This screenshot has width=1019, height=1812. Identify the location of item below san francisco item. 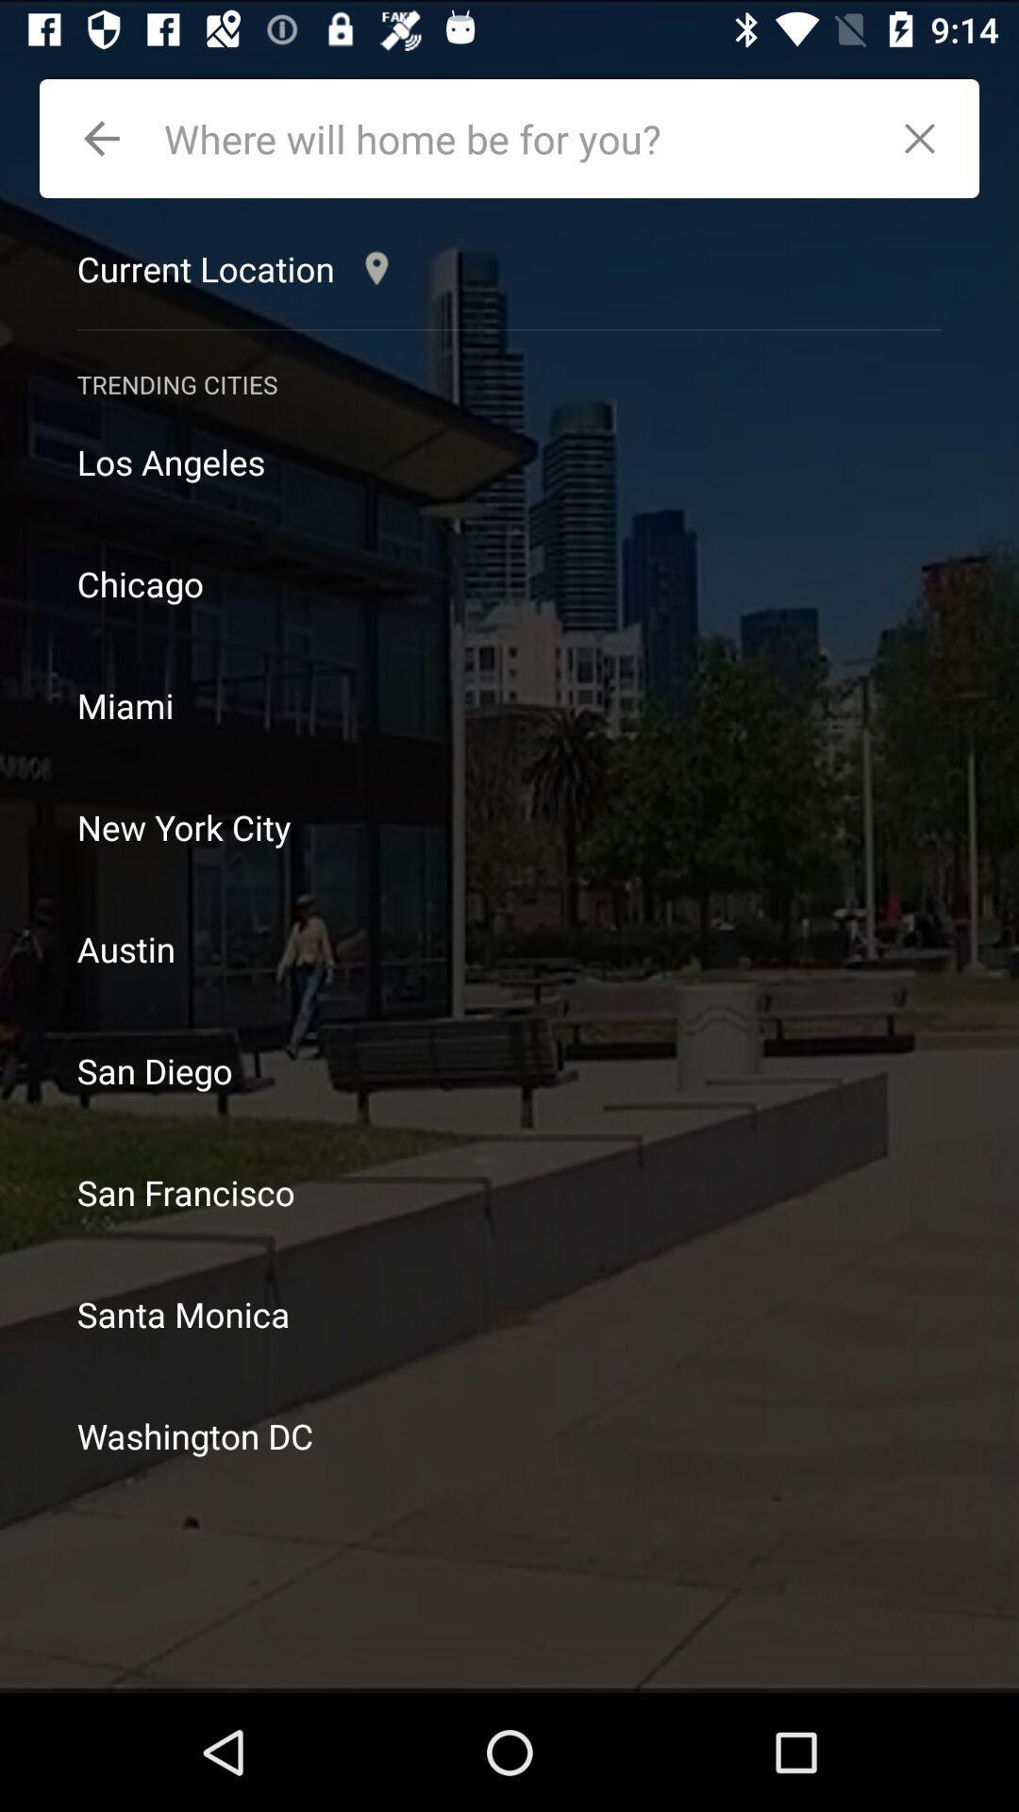
(509, 1313).